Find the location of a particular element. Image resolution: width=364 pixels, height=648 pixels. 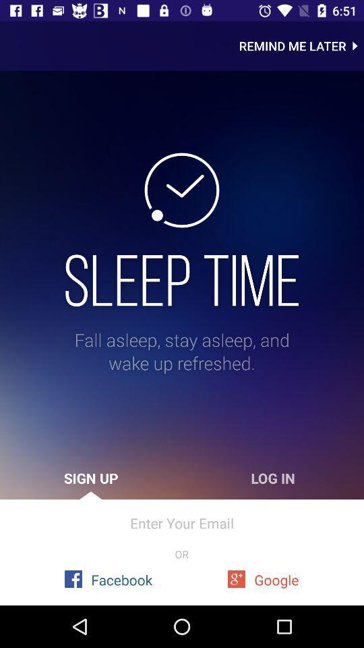

remind me later is located at coordinates (301, 46).